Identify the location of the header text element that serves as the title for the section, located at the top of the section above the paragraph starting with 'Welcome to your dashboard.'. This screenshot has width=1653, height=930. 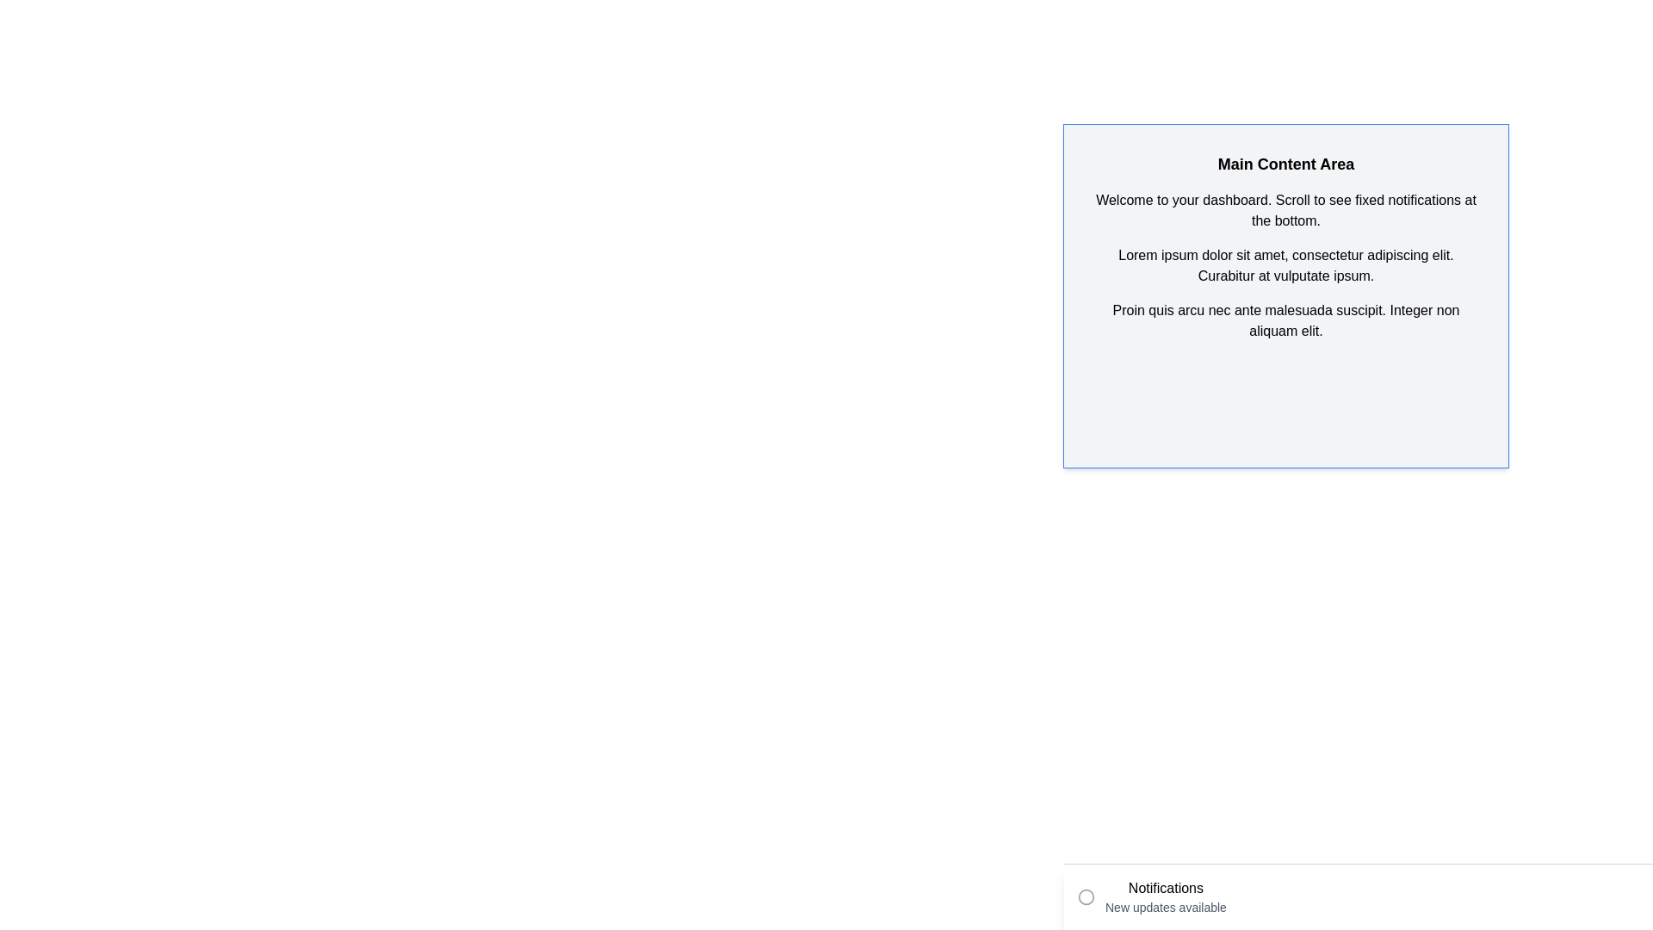
(1285, 164).